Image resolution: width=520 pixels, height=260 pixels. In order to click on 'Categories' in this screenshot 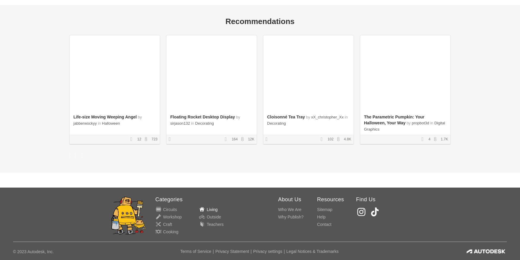, I will do `click(169, 199)`.